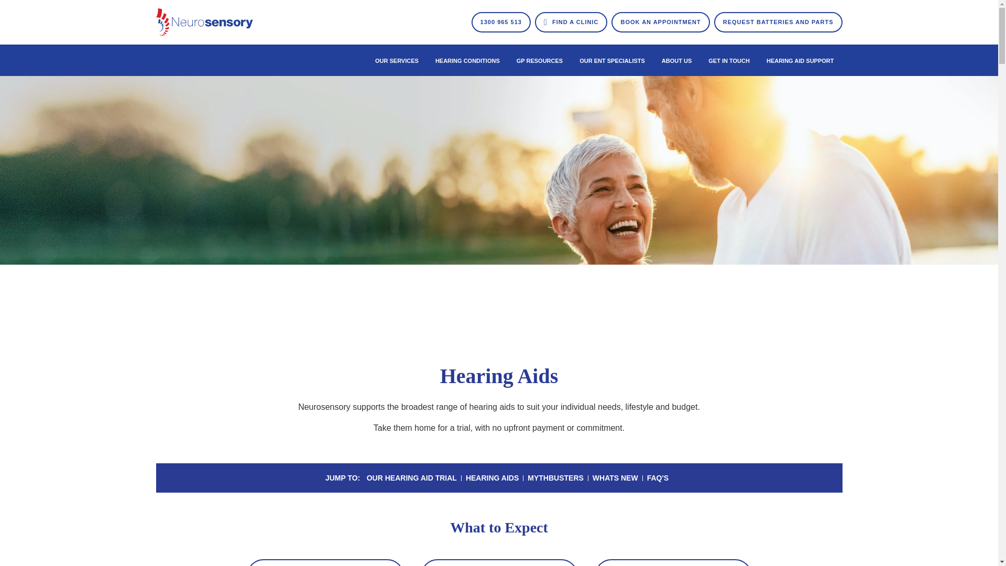  What do you see at coordinates (593, 478) in the screenshot?
I see `'WHATS NEW'` at bounding box center [593, 478].